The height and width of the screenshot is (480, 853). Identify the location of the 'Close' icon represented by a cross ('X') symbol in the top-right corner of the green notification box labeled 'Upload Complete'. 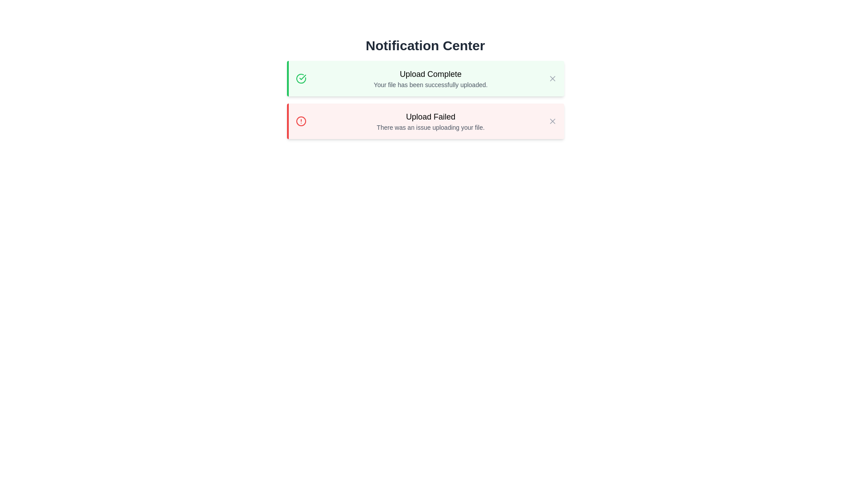
(552, 78).